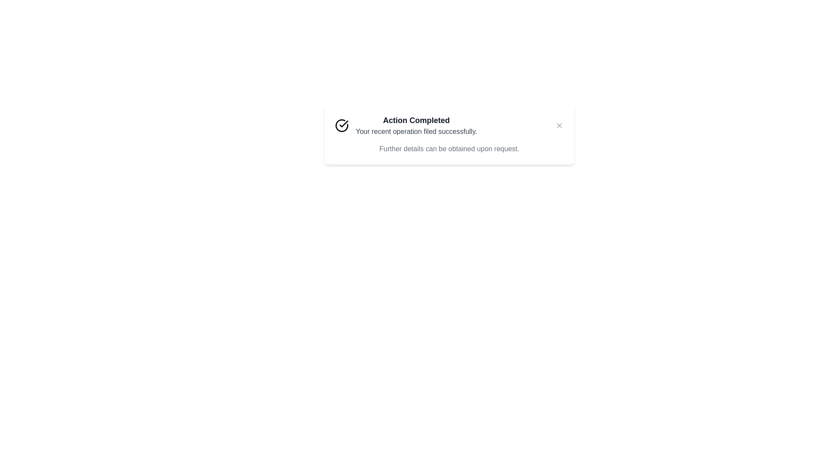  Describe the element at coordinates (449, 134) in the screenshot. I see `success message and additional details from the notification box displaying 'Action Completed' with a green checkmark icon` at that location.